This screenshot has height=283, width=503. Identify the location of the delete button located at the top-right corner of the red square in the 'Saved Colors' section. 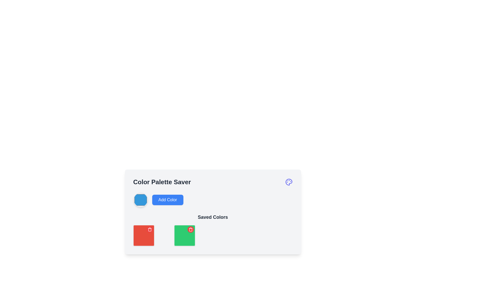
(149, 229).